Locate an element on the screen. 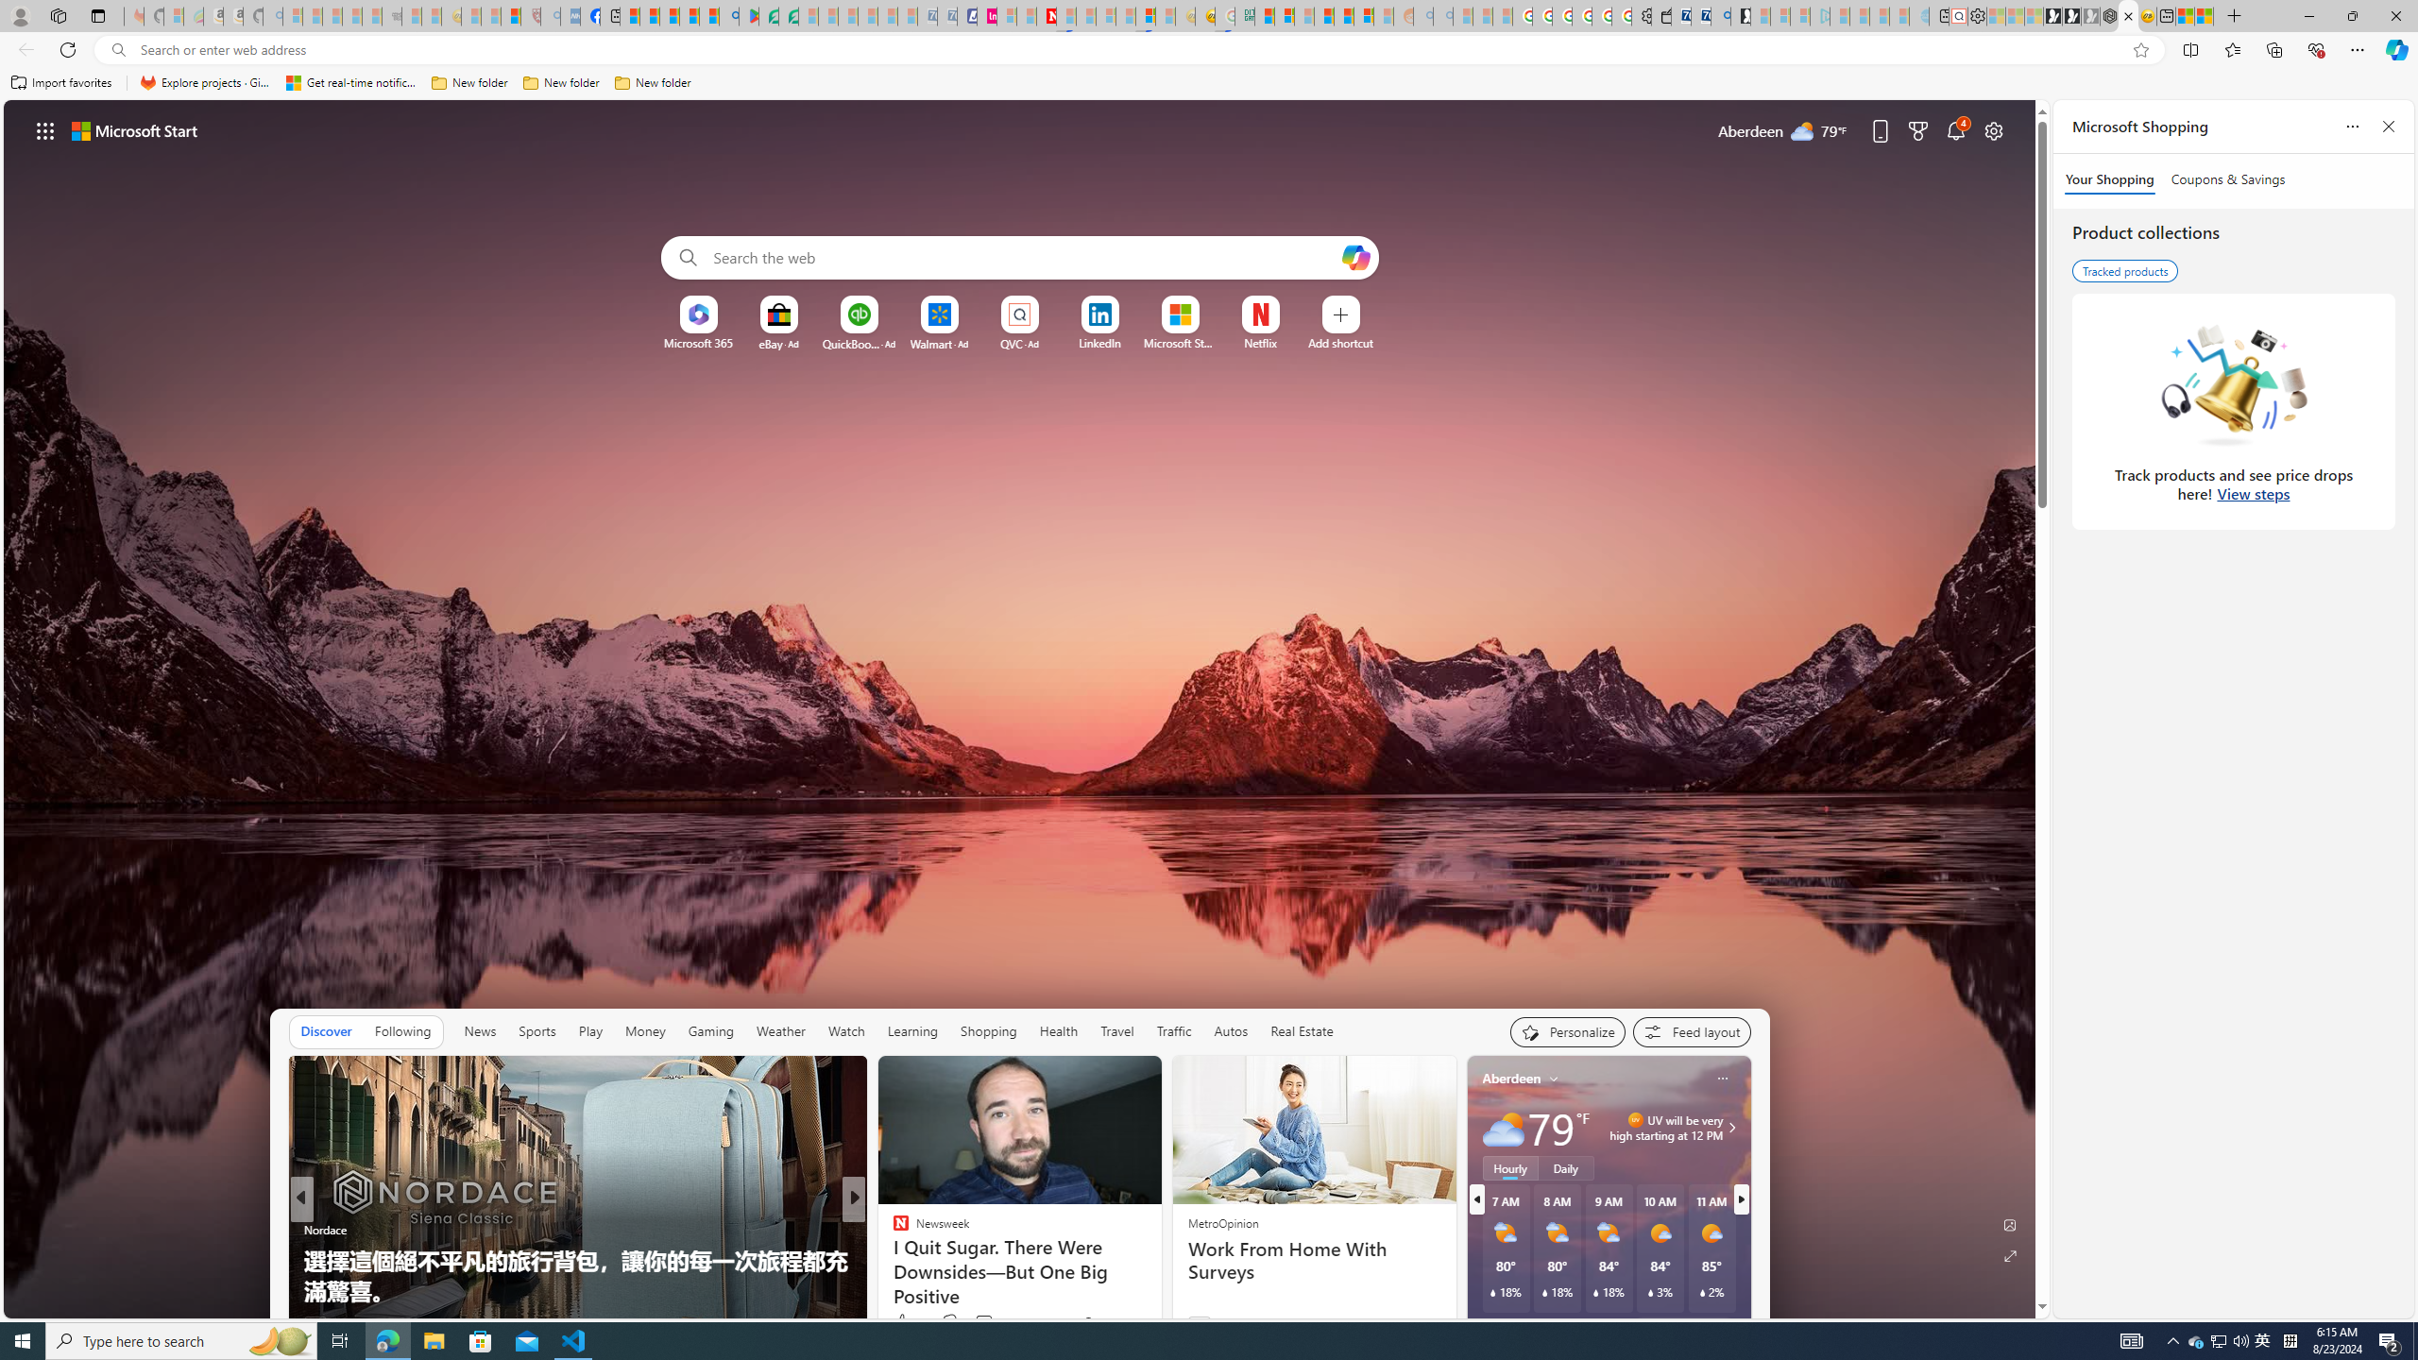 The height and width of the screenshot is (1360, 2418). 'Pets - MSN' is located at coordinates (689, 15).